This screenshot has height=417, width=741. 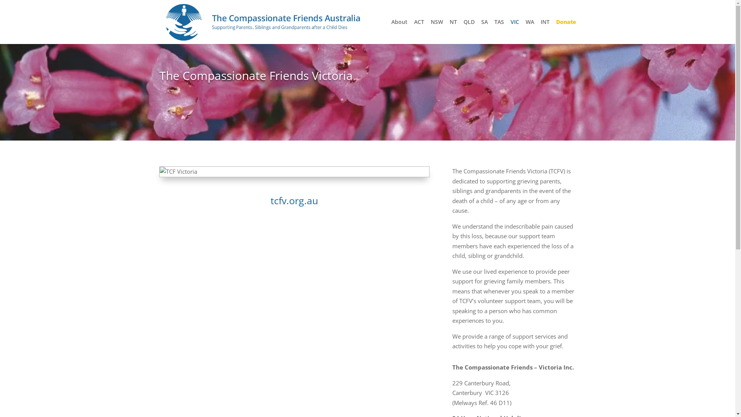 What do you see at coordinates (565, 31) in the screenshot?
I see `'Donate'` at bounding box center [565, 31].